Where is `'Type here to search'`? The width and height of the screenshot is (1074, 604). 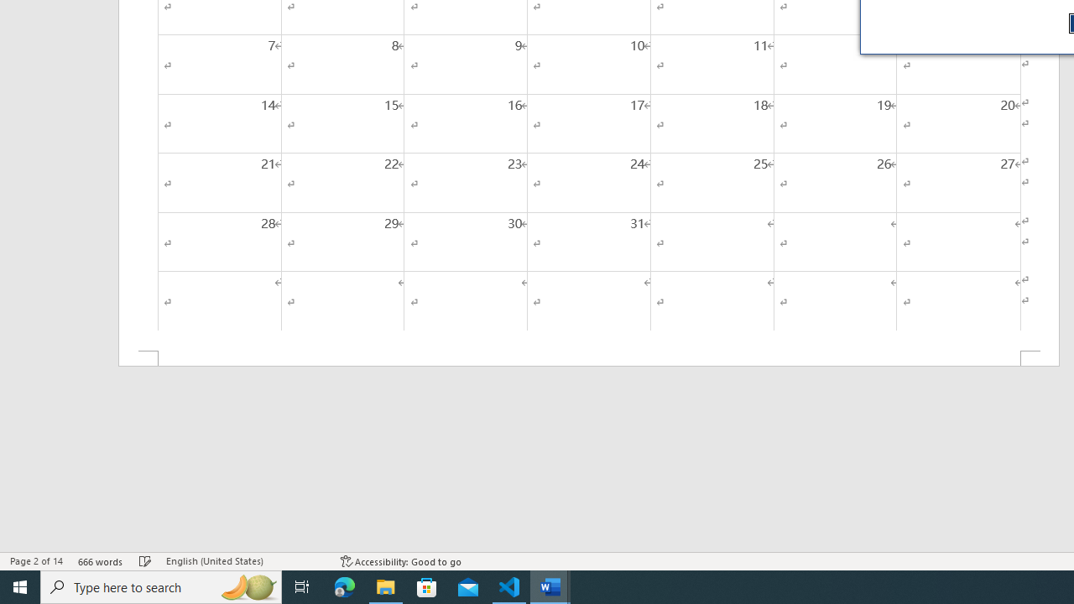 'Type here to search' is located at coordinates (161, 586).